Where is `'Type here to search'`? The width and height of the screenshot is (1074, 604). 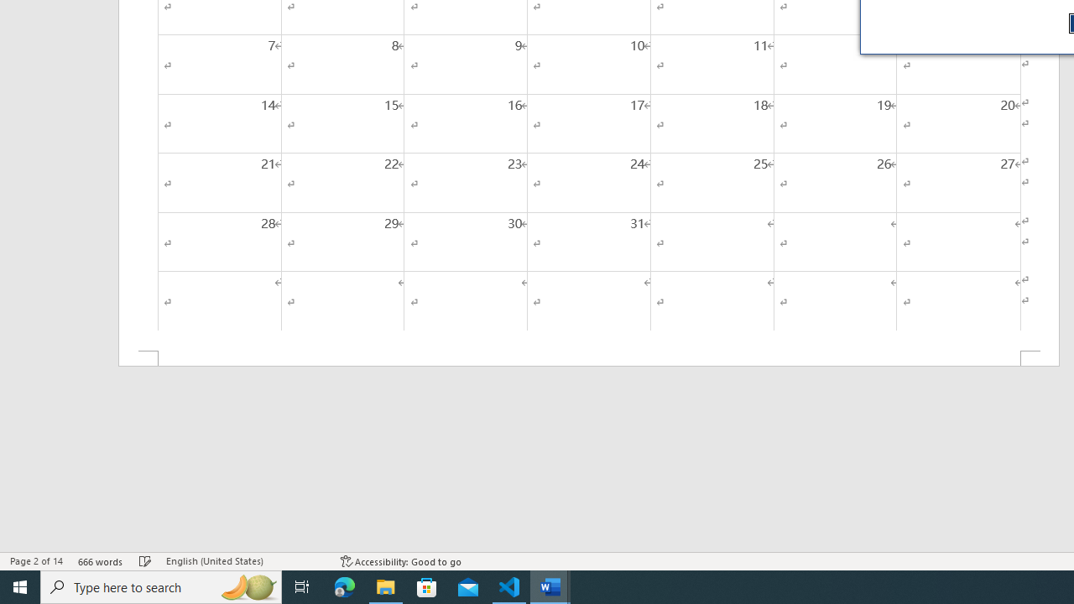 'Type here to search' is located at coordinates (161, 586).